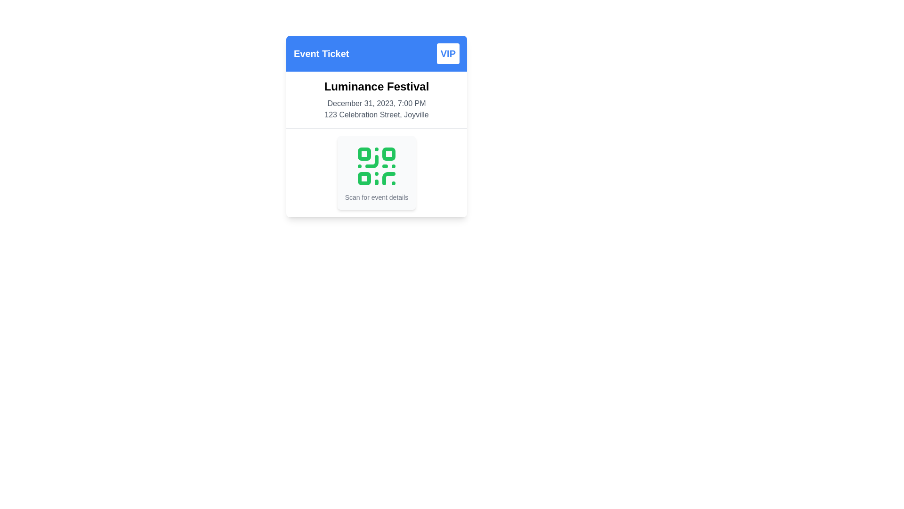 The width and height of the screenshot is (904, 509). What do you see at coordinates (377, 172) in the screenshot?
I see `the interactive prompt with a QR code located at the bottom section of the white card` at bounding box center [377, 172].